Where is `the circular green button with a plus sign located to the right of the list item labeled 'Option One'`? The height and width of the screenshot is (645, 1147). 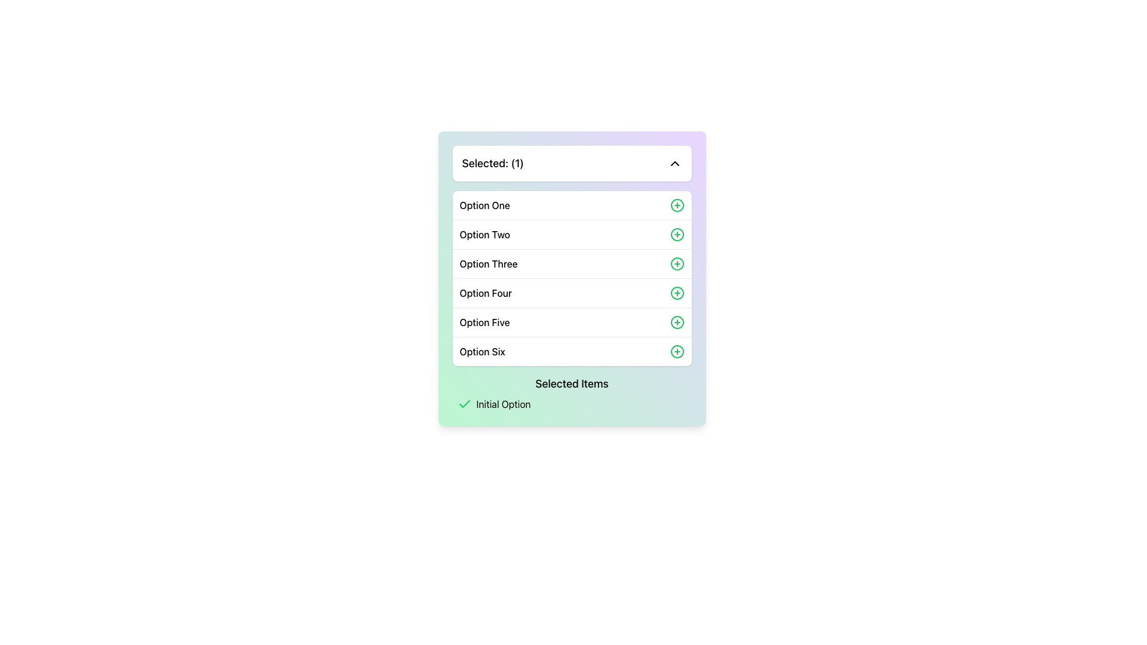 the circular green button with a plus sign located to the right of the list item labeled 'Option One' is located at coordinates (677, 204).